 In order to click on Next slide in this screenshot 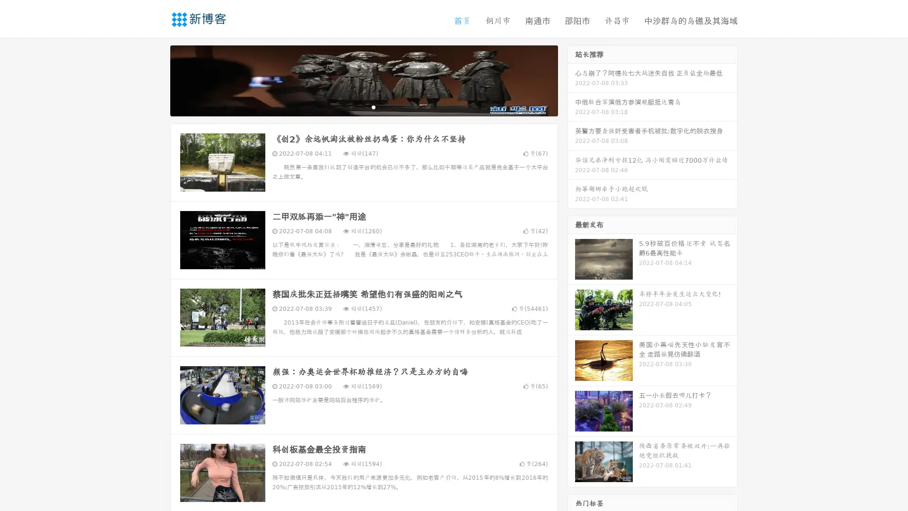, I will do `click(571, 79)`.